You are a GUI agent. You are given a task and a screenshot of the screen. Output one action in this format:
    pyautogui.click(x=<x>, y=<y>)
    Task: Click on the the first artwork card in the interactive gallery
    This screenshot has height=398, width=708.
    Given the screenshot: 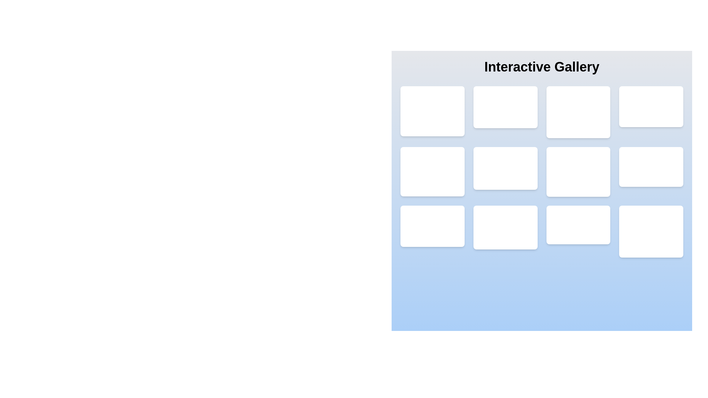 What is the action you would take?
    pyautogui.click(x=432, y=111)
    